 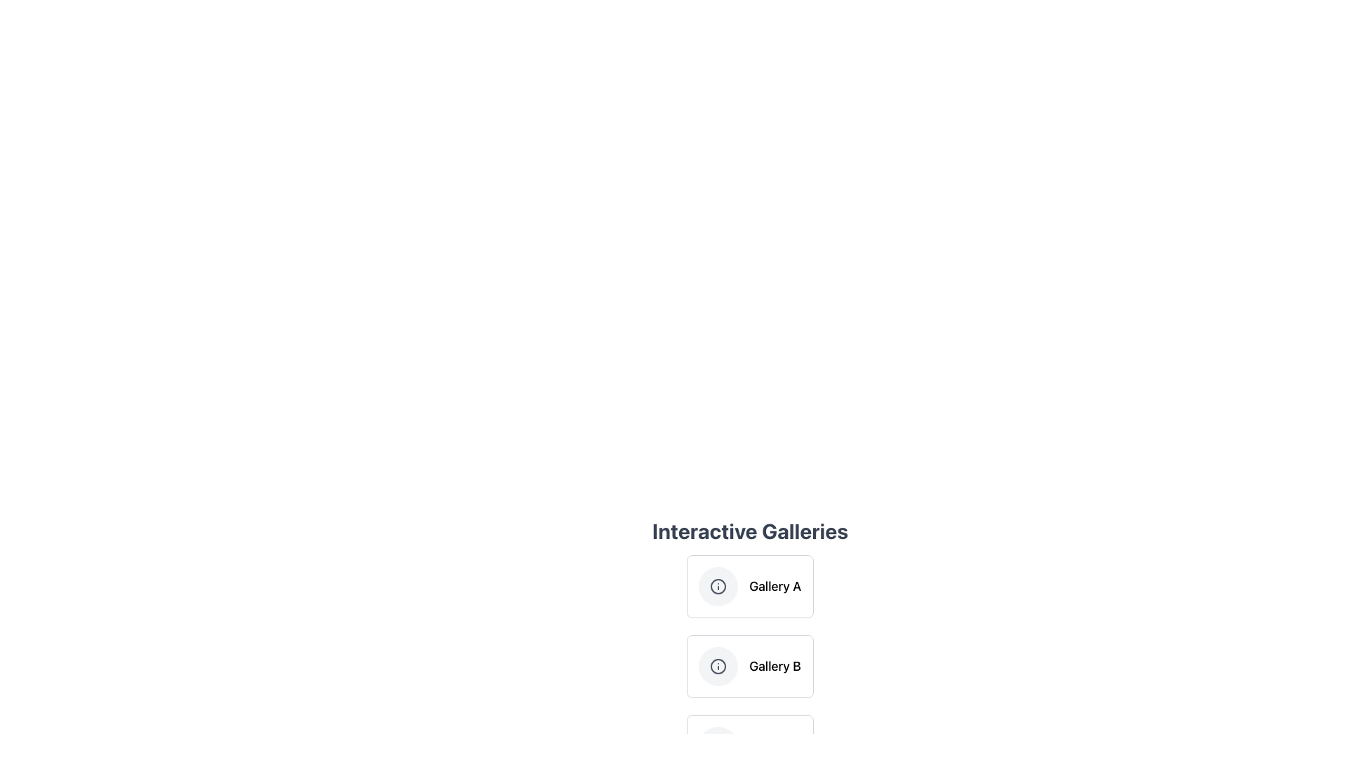 I want to click on the circular gray icon with an outlined information symbol ('i') located to the left of the text 'Gallery A', so click(x=718, y=587).